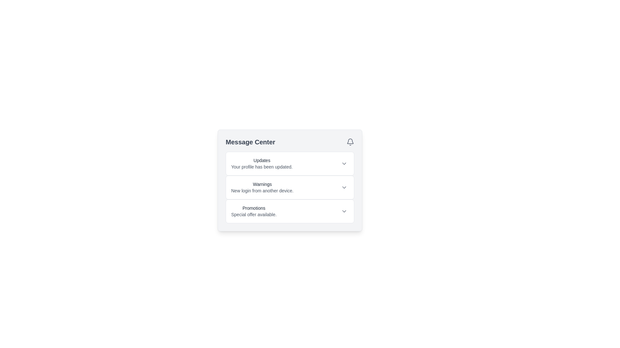 This screenshot has height=348, width=620. What do you see at coordinates (289, 163) in the screenshot?
I see `the 'Updates' collapsible section header located at the top of the Message Center, which contains a bold title and a chevron icon` at bounding box center [289, 163].